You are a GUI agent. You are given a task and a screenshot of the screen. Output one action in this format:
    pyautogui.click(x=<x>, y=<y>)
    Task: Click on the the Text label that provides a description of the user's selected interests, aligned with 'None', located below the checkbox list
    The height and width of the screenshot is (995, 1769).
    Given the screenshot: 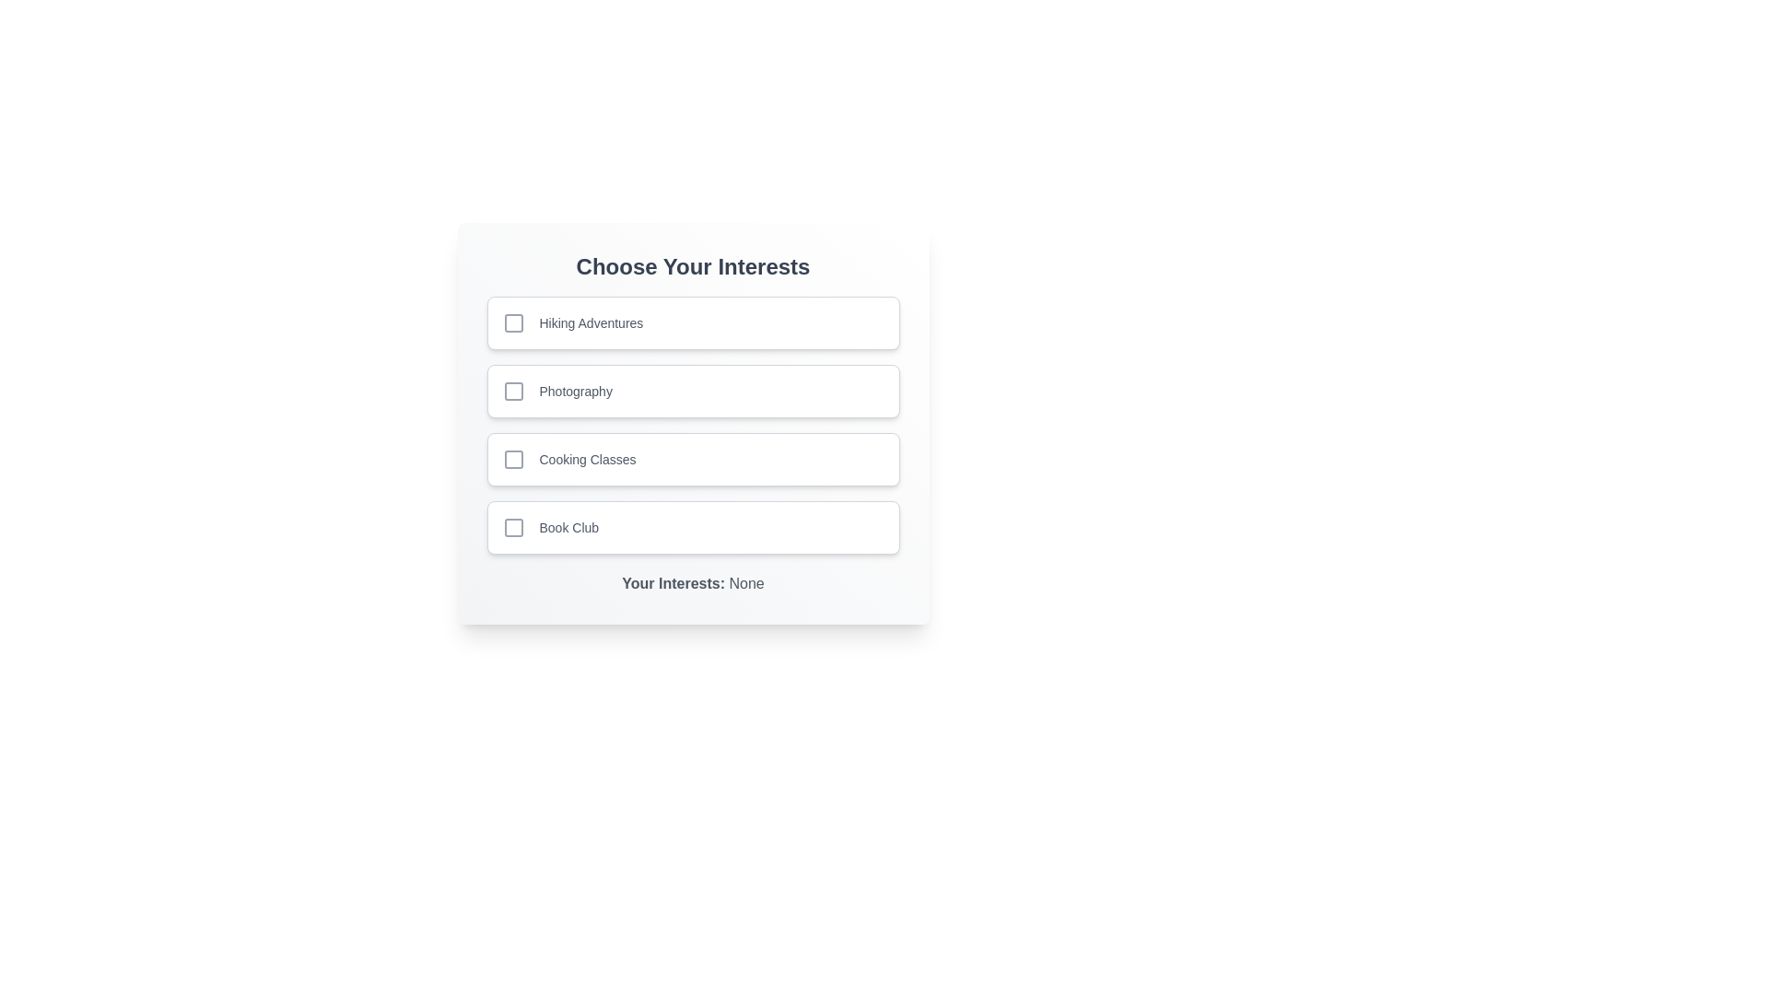 What is the action you would take?
    pyautogui.click(x=674, y=583)
    